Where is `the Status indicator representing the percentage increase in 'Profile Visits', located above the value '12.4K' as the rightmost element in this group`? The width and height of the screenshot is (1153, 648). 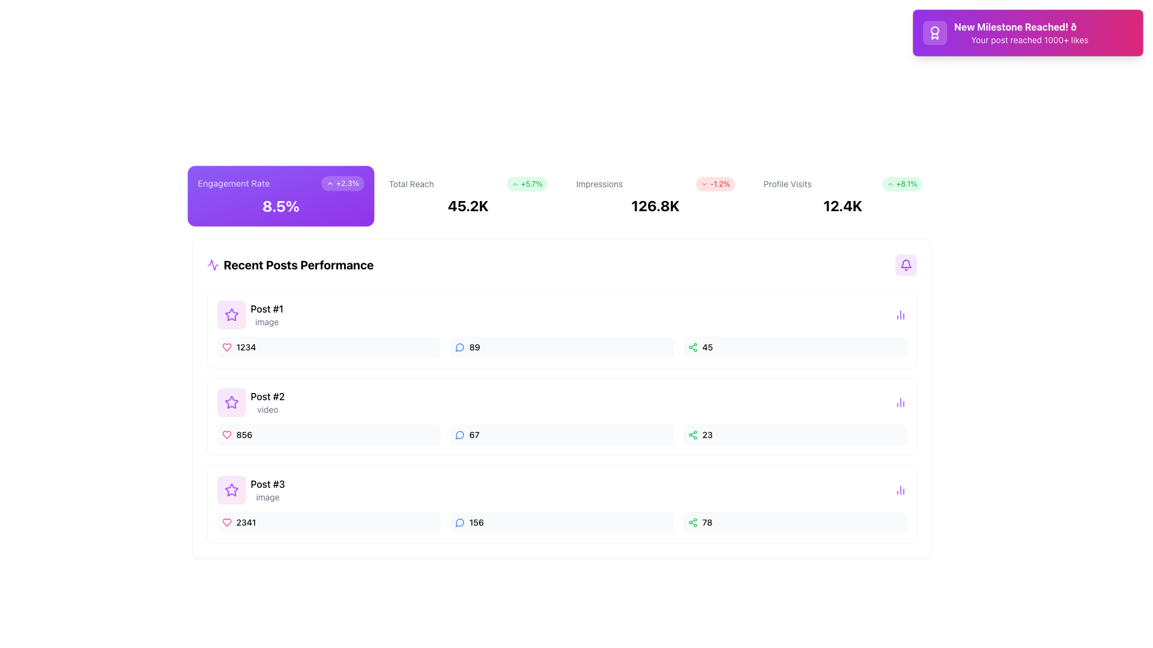 the Status indicator representing the percentage increase in 'Profile Visits', located above the value '12.4K' as the rightmost element in this group is located at coordinates (902, 184).